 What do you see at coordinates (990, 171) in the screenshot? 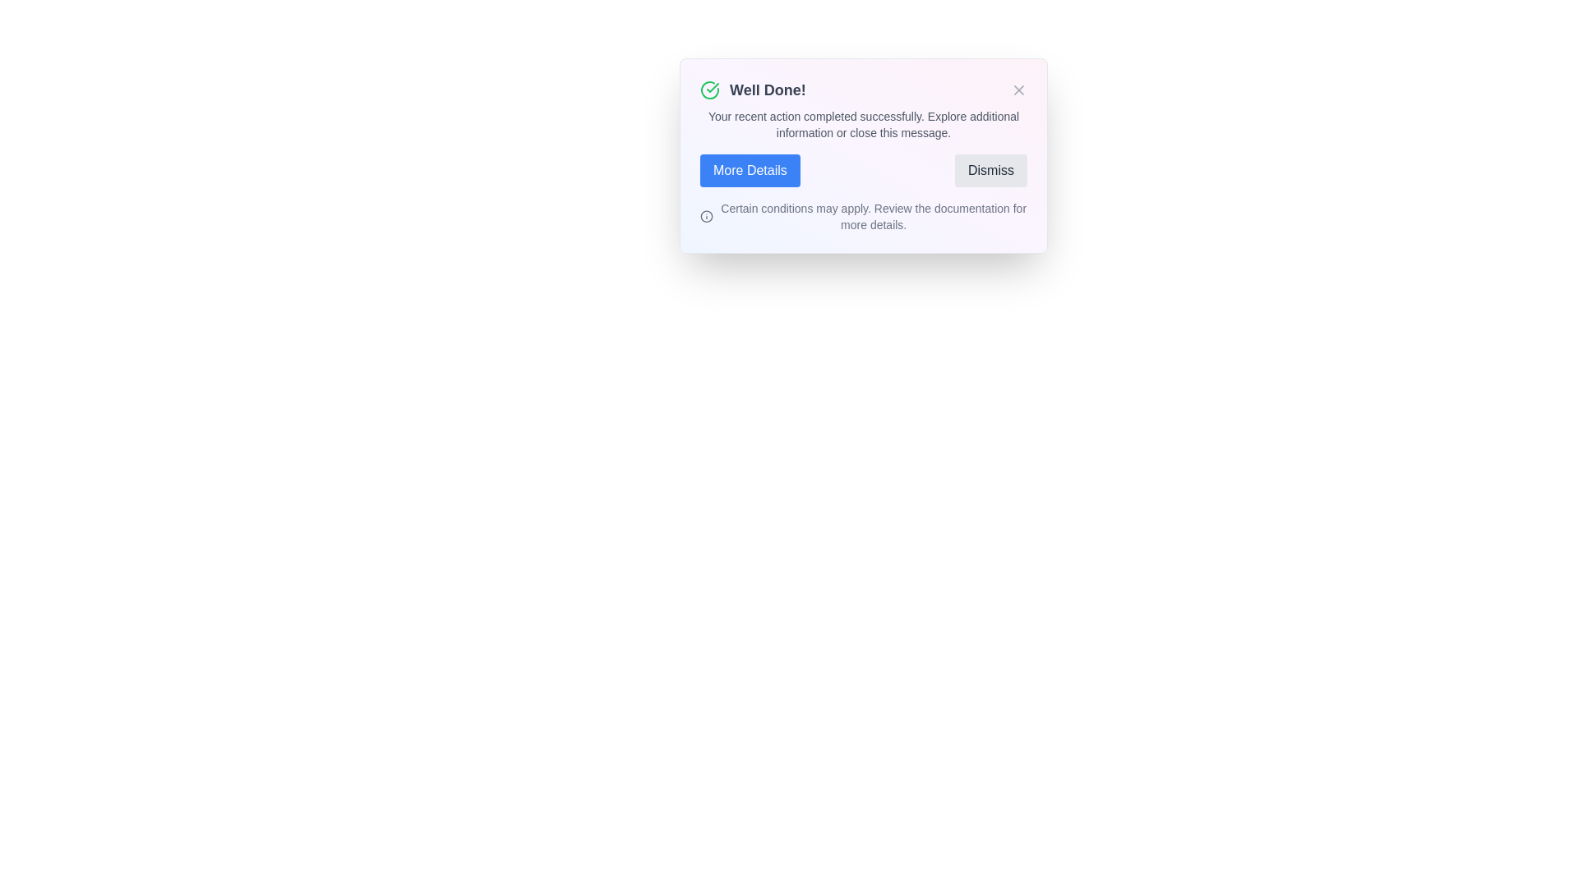
I see `the element with Dismiss` at bounding box center [990, 171].